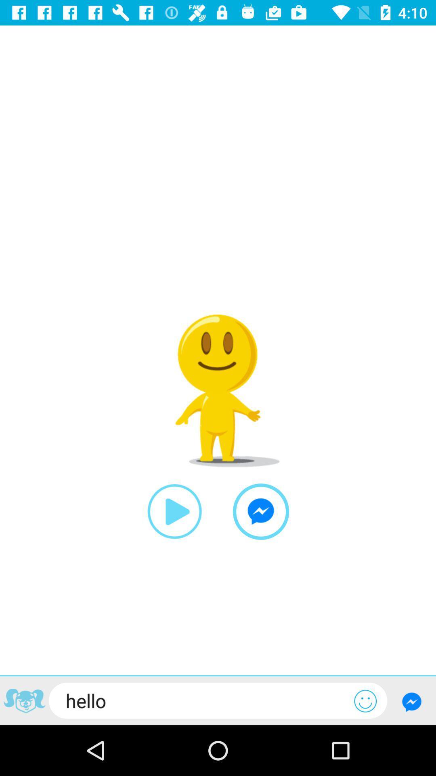 The width and height of the screenshot is (436, 776). I want to click on item at the bottom left corner, so click(24, 702).